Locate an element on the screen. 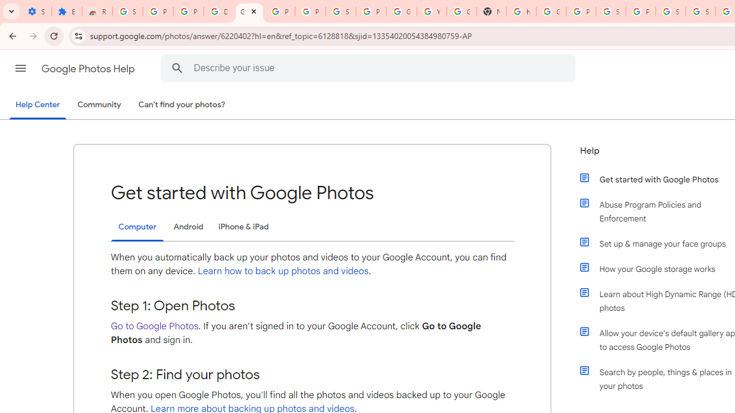  'Android' is located at coordinates (188, 227).